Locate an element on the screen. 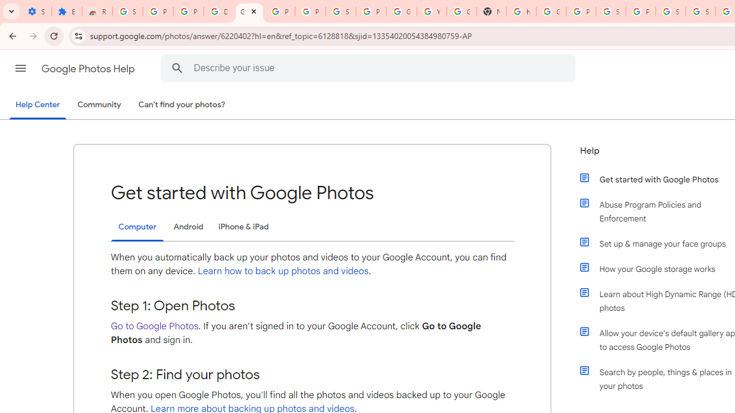  'Android' is located at coordinates (188, 227).